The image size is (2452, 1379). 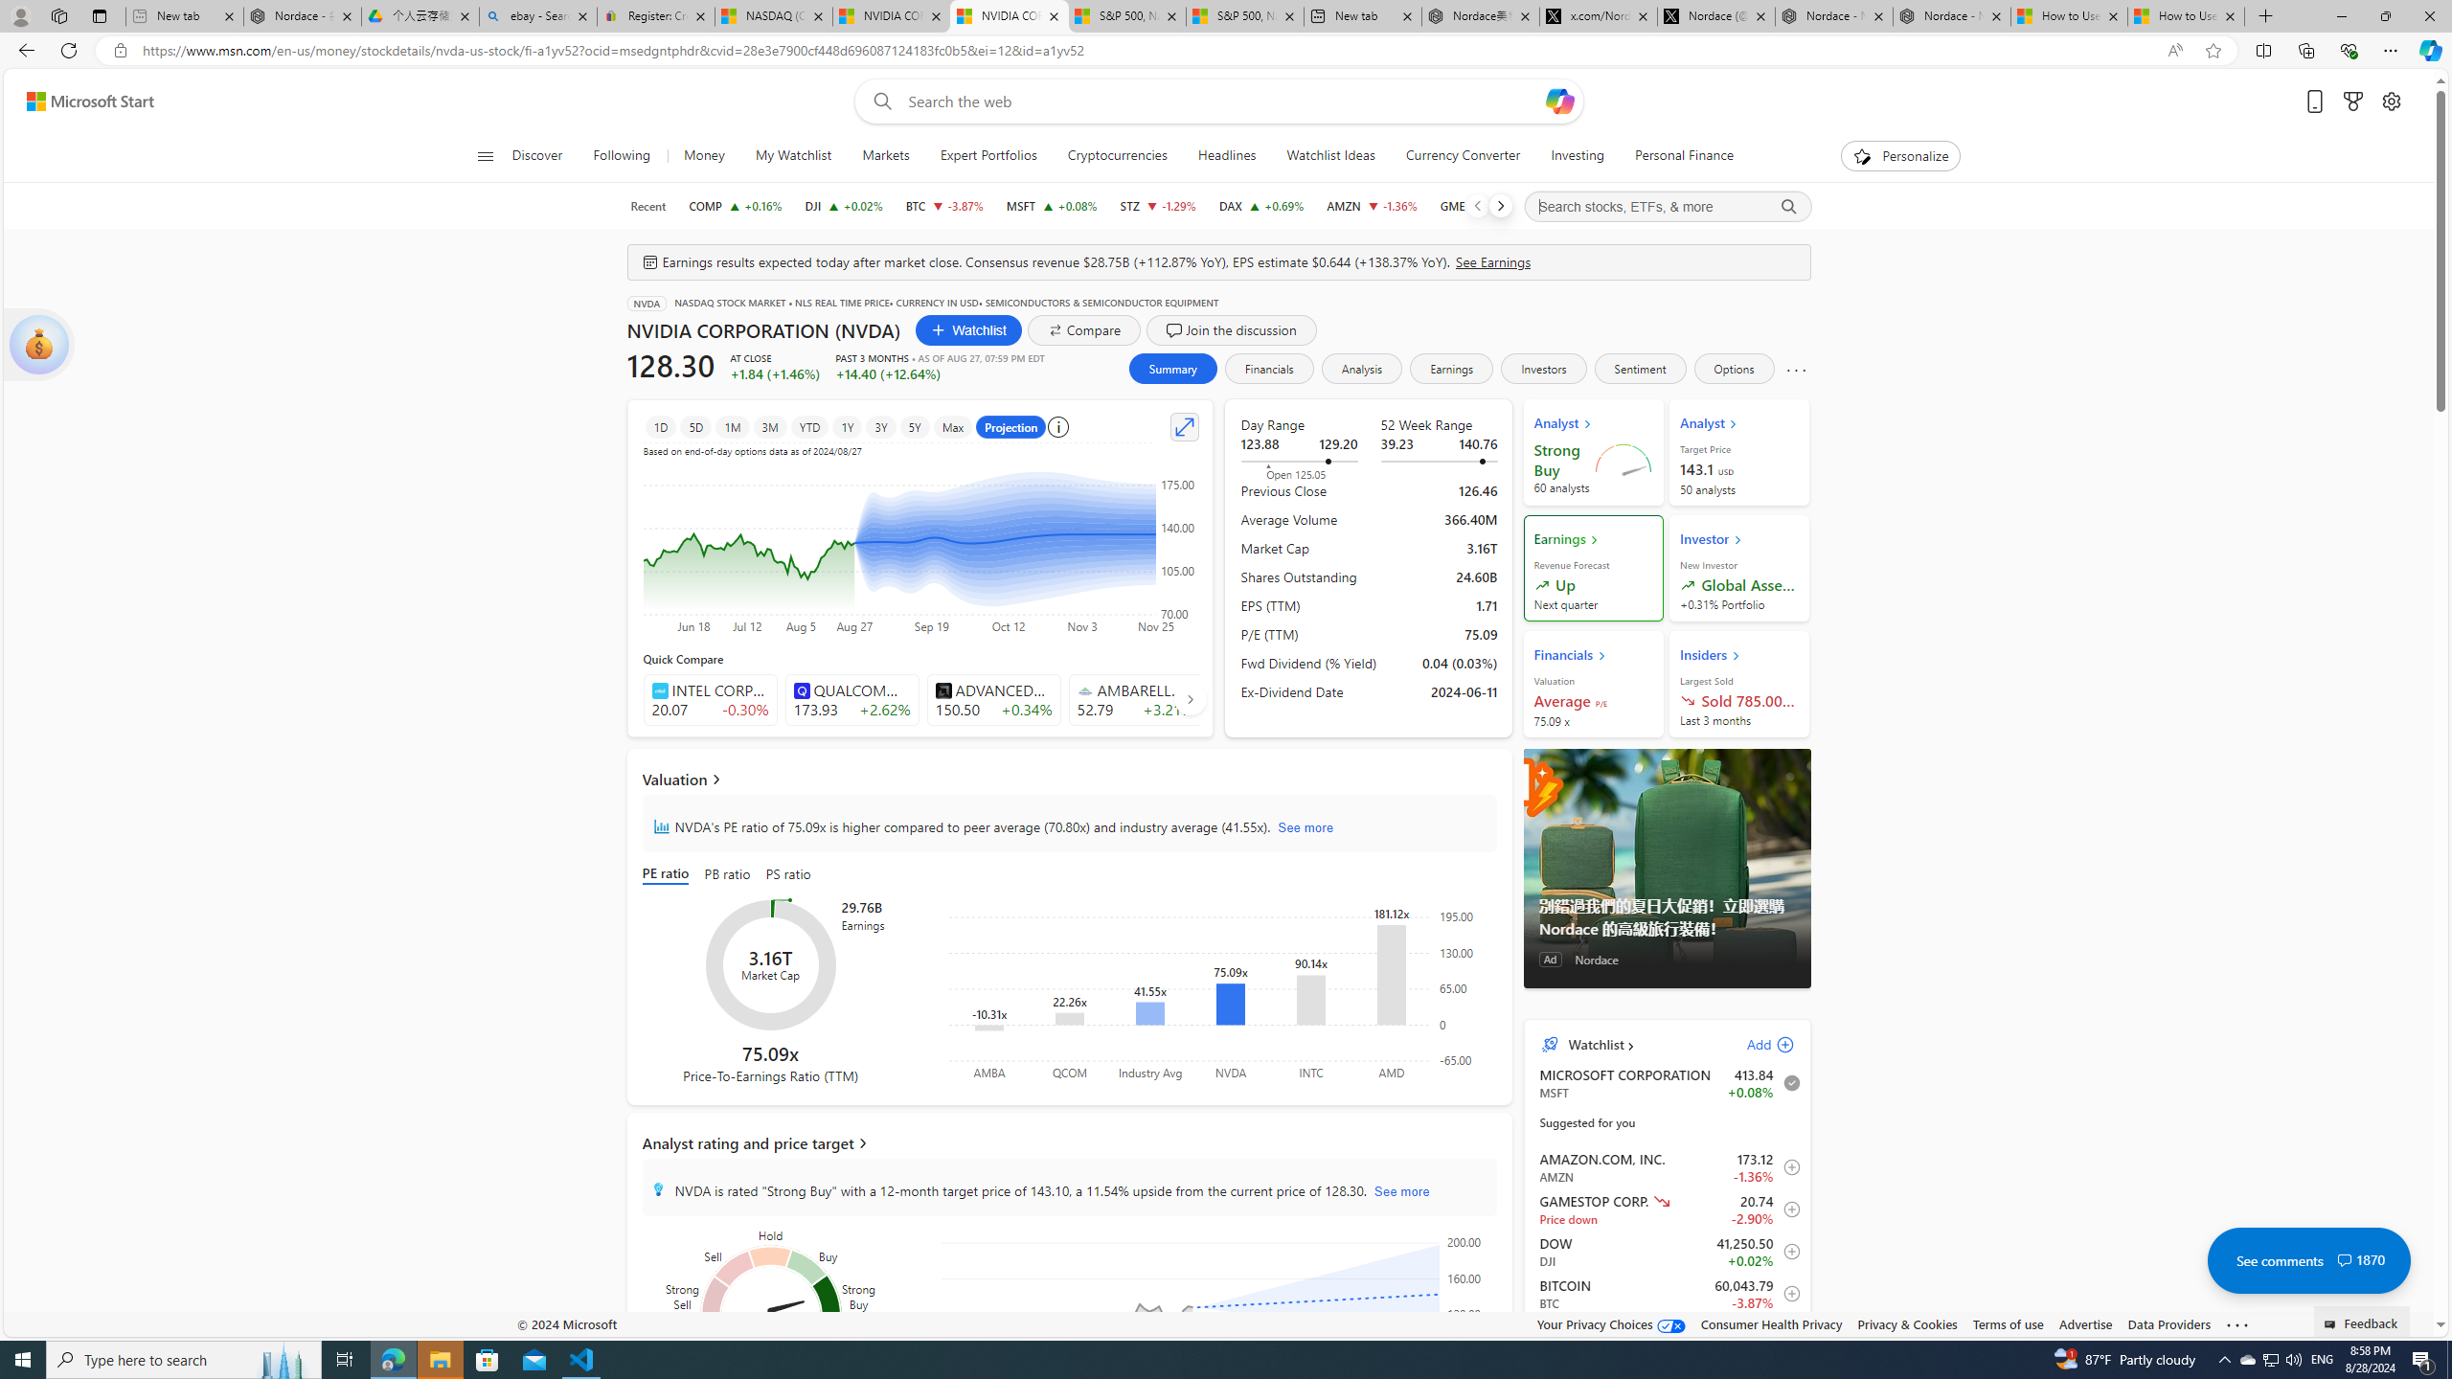 I want to click on 'Financials', so click(x=1268, y=367).